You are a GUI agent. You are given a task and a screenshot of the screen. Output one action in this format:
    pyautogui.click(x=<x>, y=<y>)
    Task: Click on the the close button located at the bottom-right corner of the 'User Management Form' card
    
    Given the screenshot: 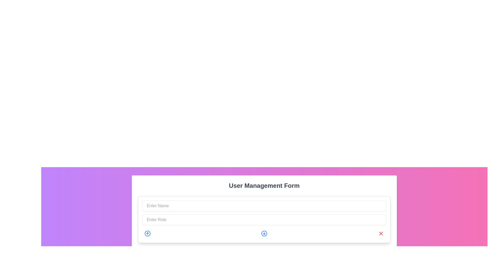 What is the action you would take?
    pyautogui.click(x=381, y=233)
    